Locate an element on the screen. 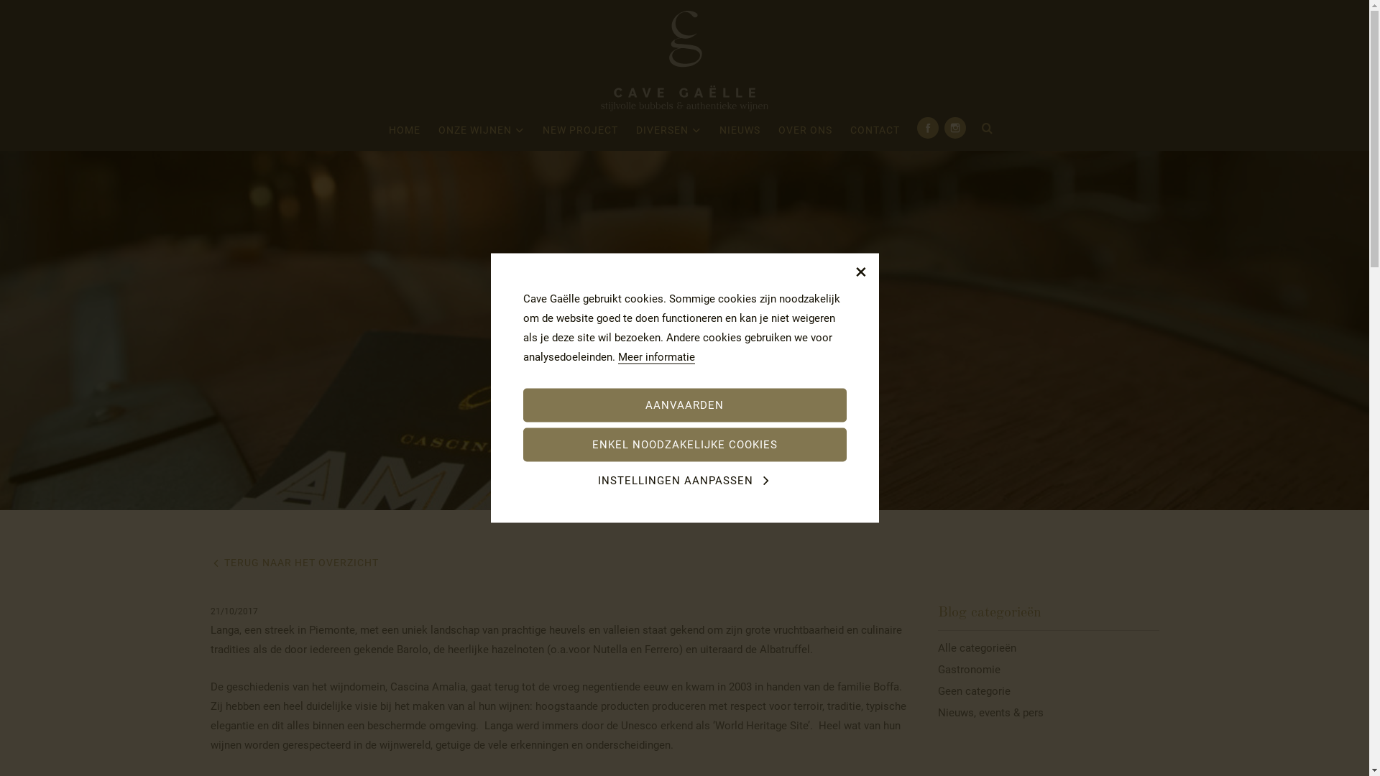 The width and height of the screenshot is (1380, 776). 'Volg ons op Facebook' is located at coordinates (928, 126).